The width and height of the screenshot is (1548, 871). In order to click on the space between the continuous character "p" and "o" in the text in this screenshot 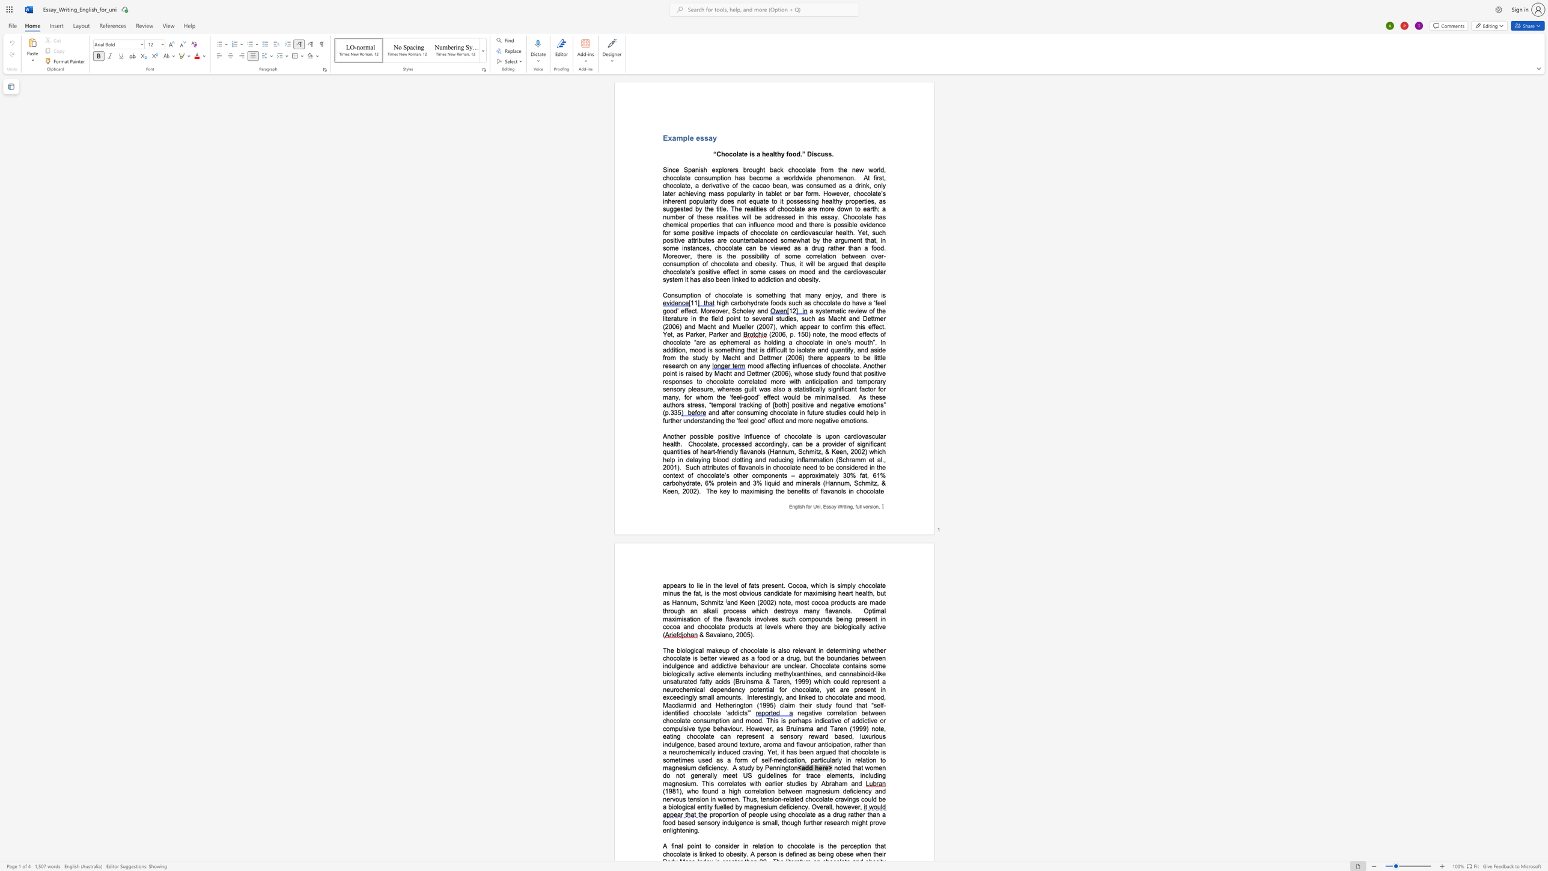, I will do `click(690, 846)`.